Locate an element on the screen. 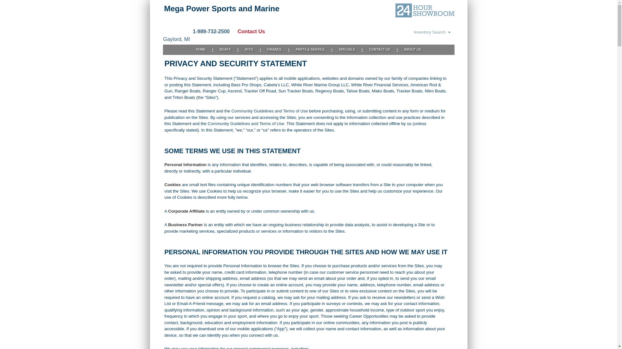 The height and width of the screenshot is (349, 622). 'Mega Power Sports and Marine' is located at coordinates (222, 8).